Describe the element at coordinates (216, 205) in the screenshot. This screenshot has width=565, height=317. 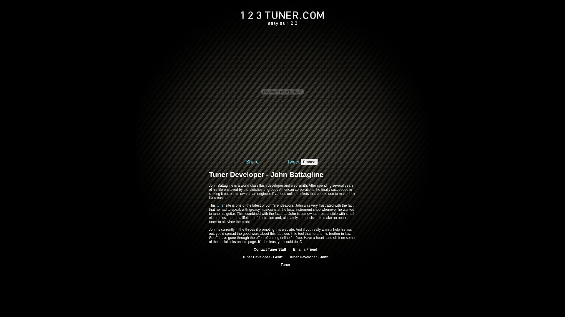
I see `'tuner'` at that location.